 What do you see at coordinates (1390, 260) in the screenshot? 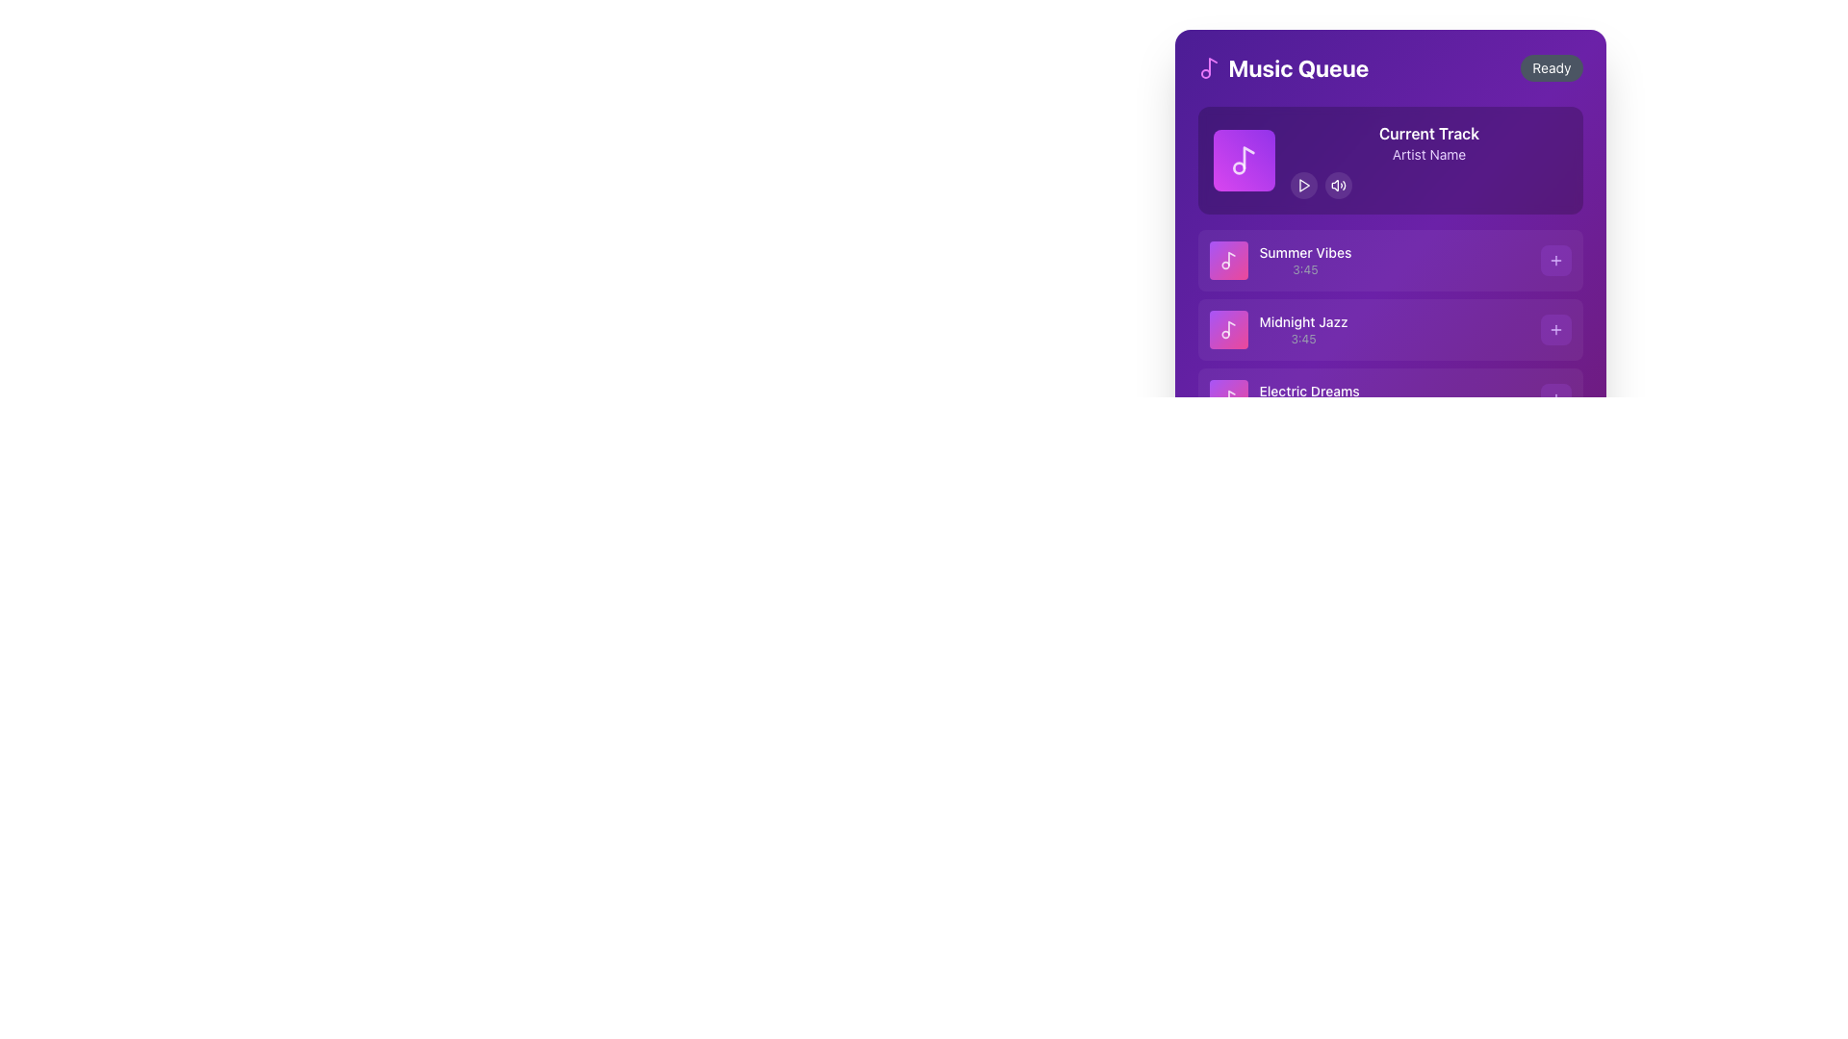
I see `the '+' button on the track info list item labeled 'Summer Vibes'` at bounding box center [1390, 260].